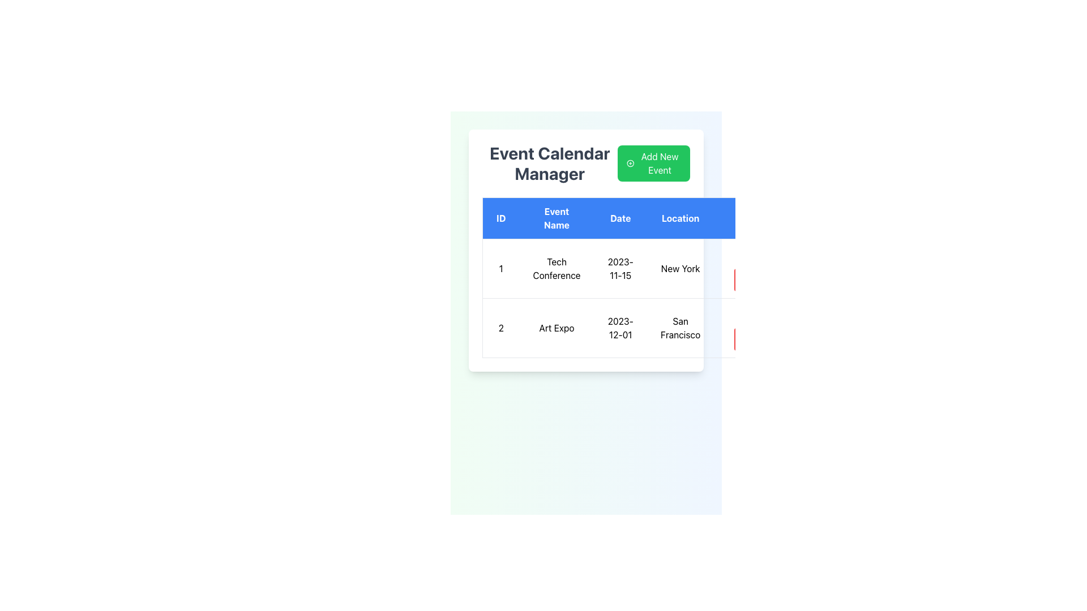 The image size is (1087, 611). What do you see at coordinates (630, 163) in the screenshot?
I see `styles or event bindings of the SVG circle graphic used as the 'Add New Event' icon located at the top right corner of the event management interface` at bounding box center [630, 163].